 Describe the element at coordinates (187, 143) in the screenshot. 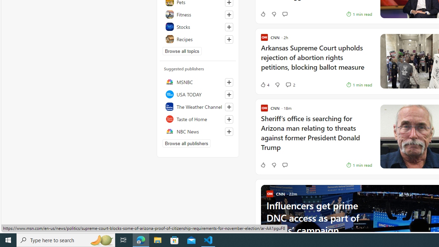

I see `'Browse all publishers'` at that location.